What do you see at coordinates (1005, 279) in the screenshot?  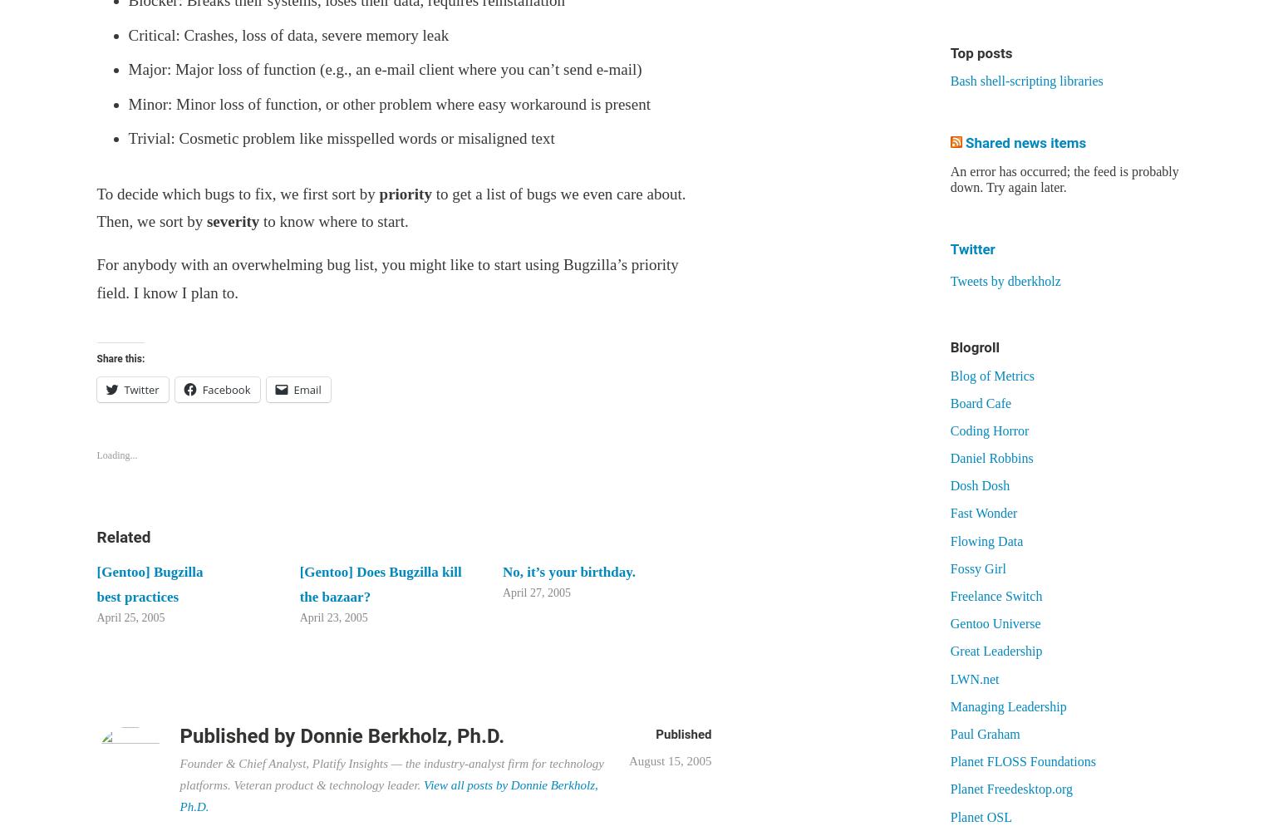 I see `'Tweets by dberkholz'` at bounding box center [1005, 279].